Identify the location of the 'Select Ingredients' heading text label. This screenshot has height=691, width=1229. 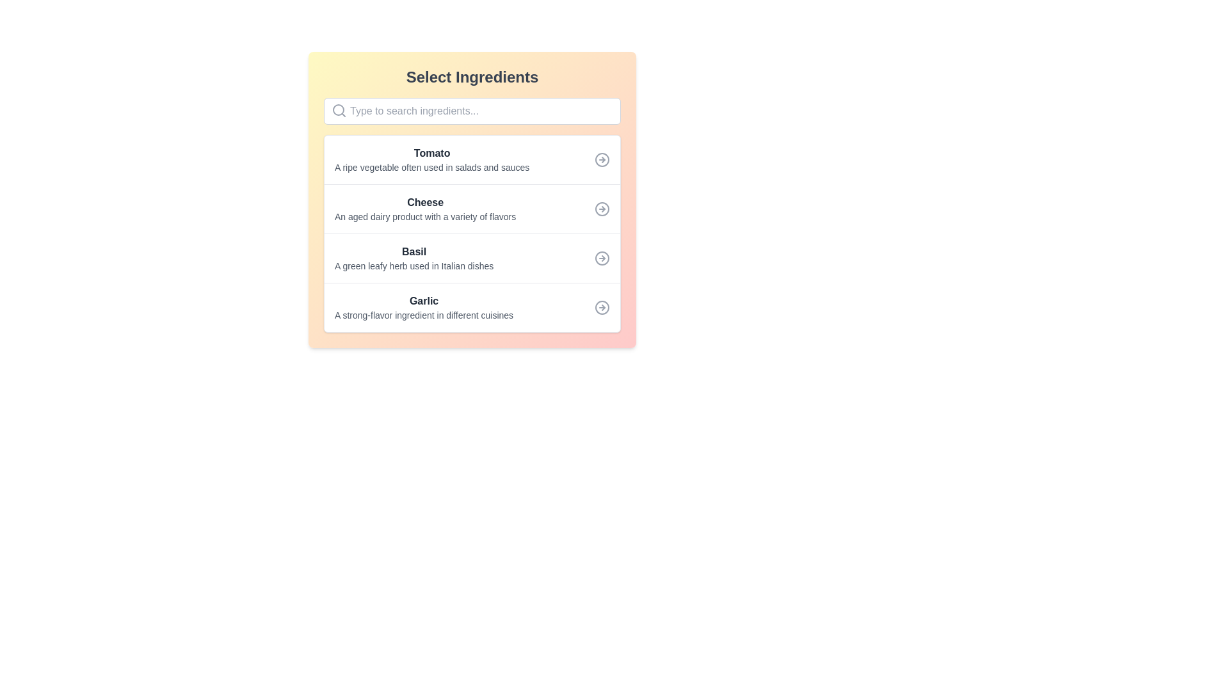
(472, 77).